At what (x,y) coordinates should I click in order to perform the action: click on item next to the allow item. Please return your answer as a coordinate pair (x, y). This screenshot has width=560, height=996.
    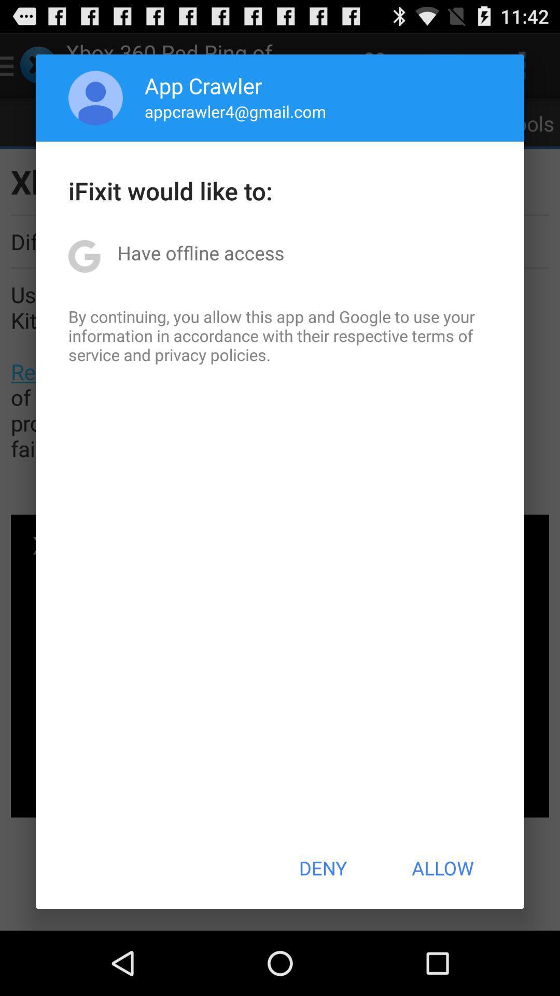
    Looking at the image, I should click on (322, 868).